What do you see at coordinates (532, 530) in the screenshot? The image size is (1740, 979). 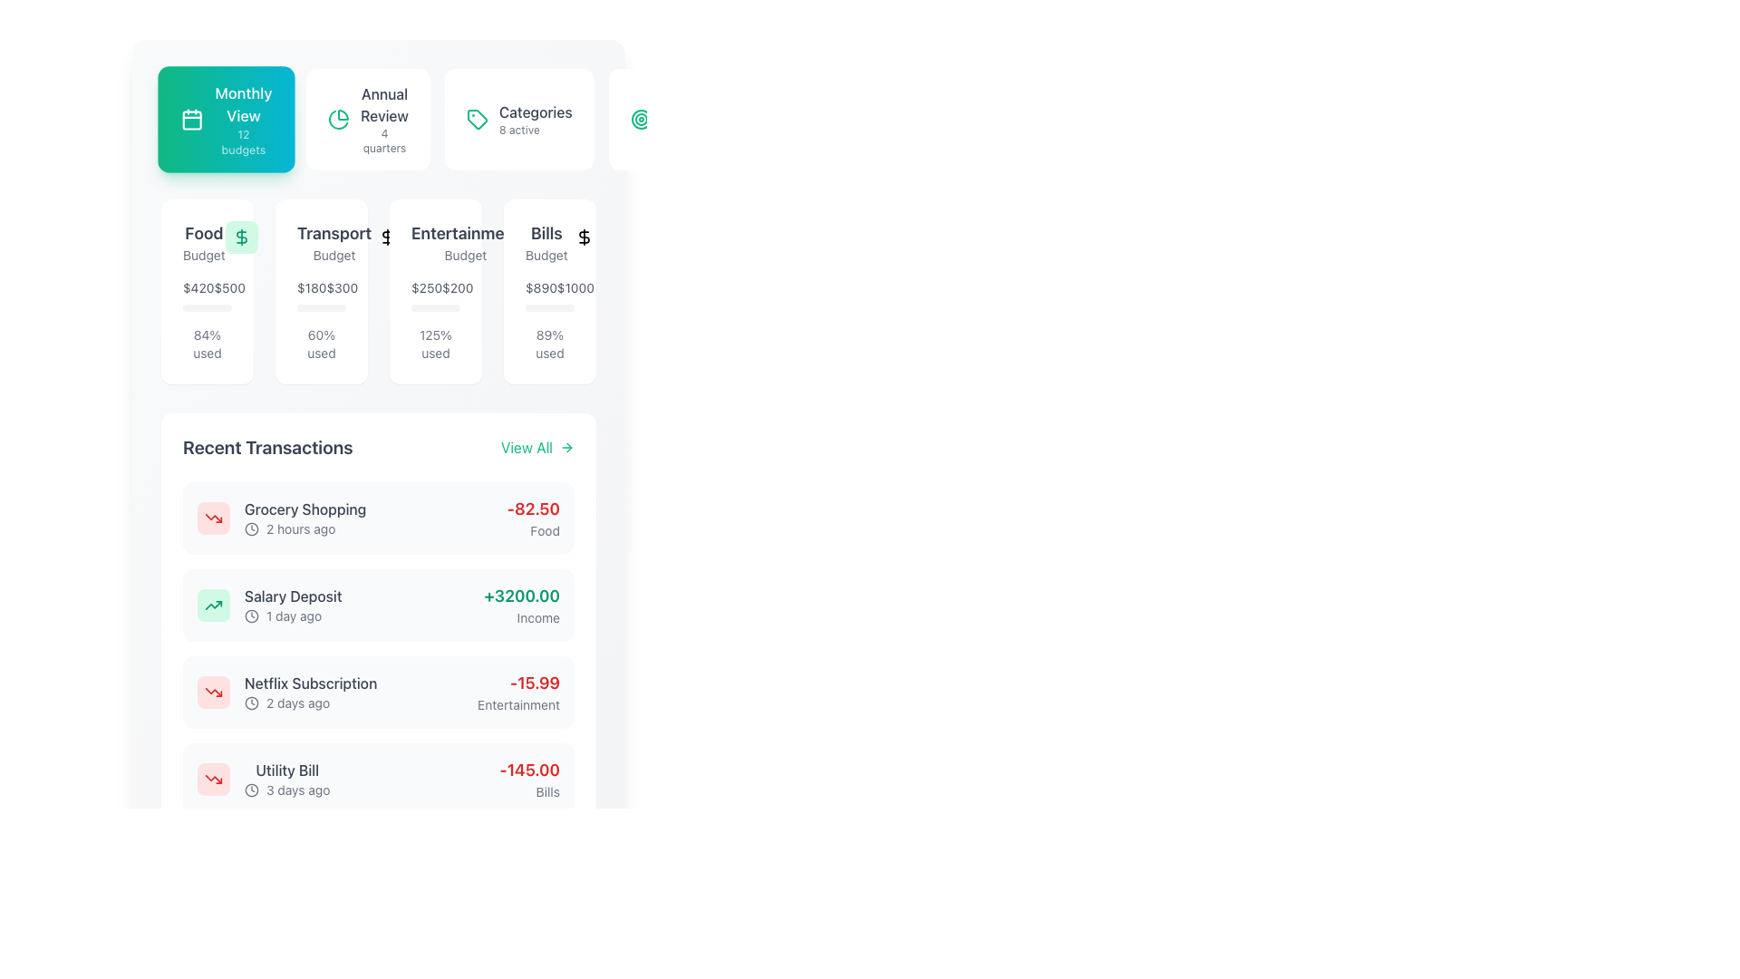 I see `text label indicating the category of the transaction located in the 'Recent Transactions' section, directly beneath the '-82.50' red text associated with 'Grocery Shopping.'` at bounding box center [532, 530].